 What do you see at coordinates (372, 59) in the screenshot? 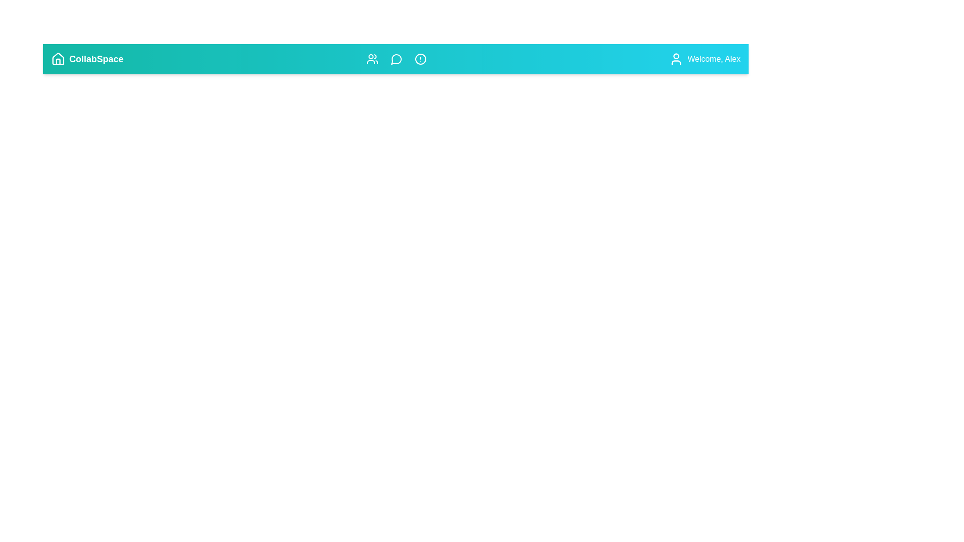
I see `the Teams icon to view team-related information` at bounding box center [372, 59].